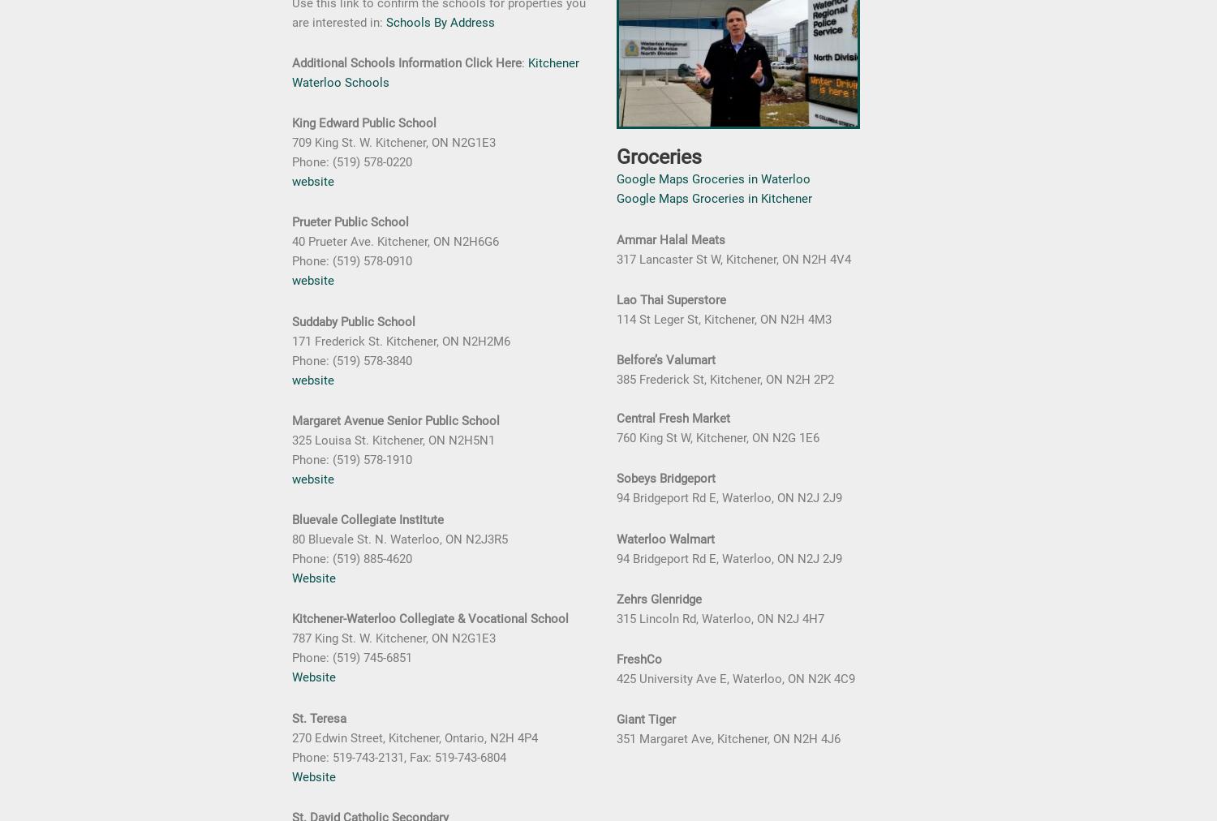  I want to click on '351 Margaret Ave, Kitchener, ON N2H 4J6', so click(729, 739).